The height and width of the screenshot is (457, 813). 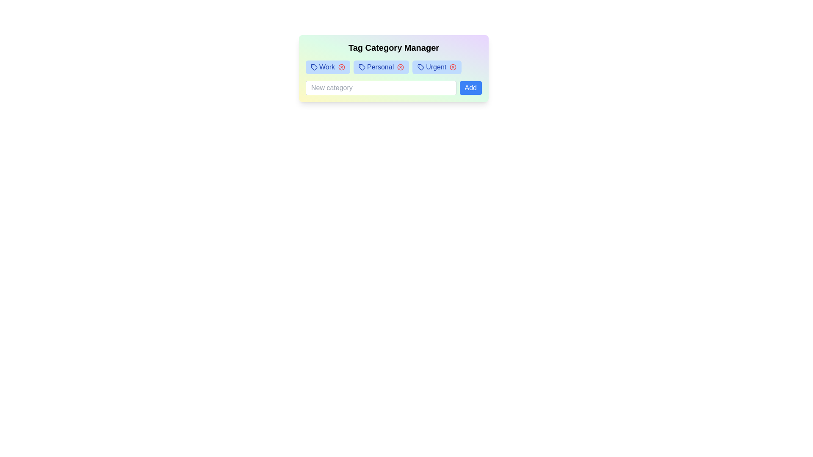 I want to click on the 'Personal' category tag, which is the second tag in a row of three tags ('Work', 'Personal', 'Urgent') located centrally in the upper section of the interface, so click(x=380, y=66).